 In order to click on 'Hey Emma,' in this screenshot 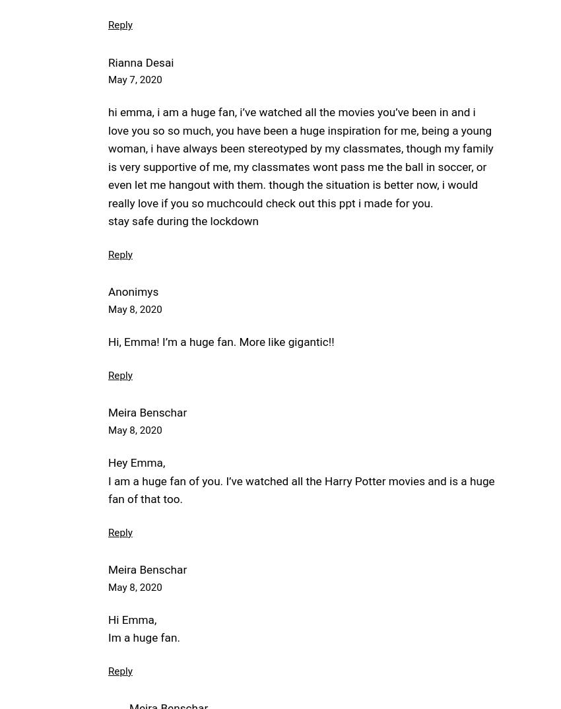, I will do `click(108, 462)`.